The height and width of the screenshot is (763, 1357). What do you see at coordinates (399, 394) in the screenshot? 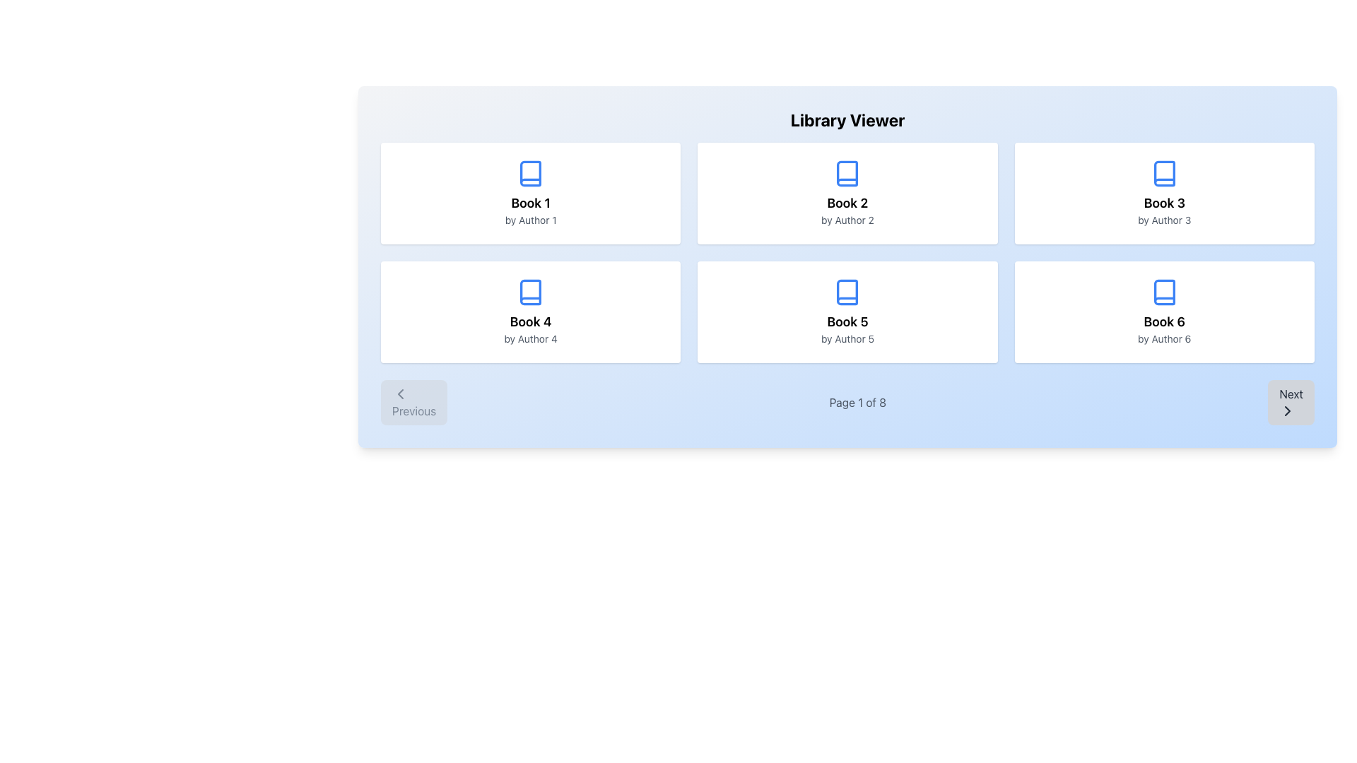
I see `the 'Previous' icon located at the bottom-left corner of the interface` at bounding box center [399, 394].